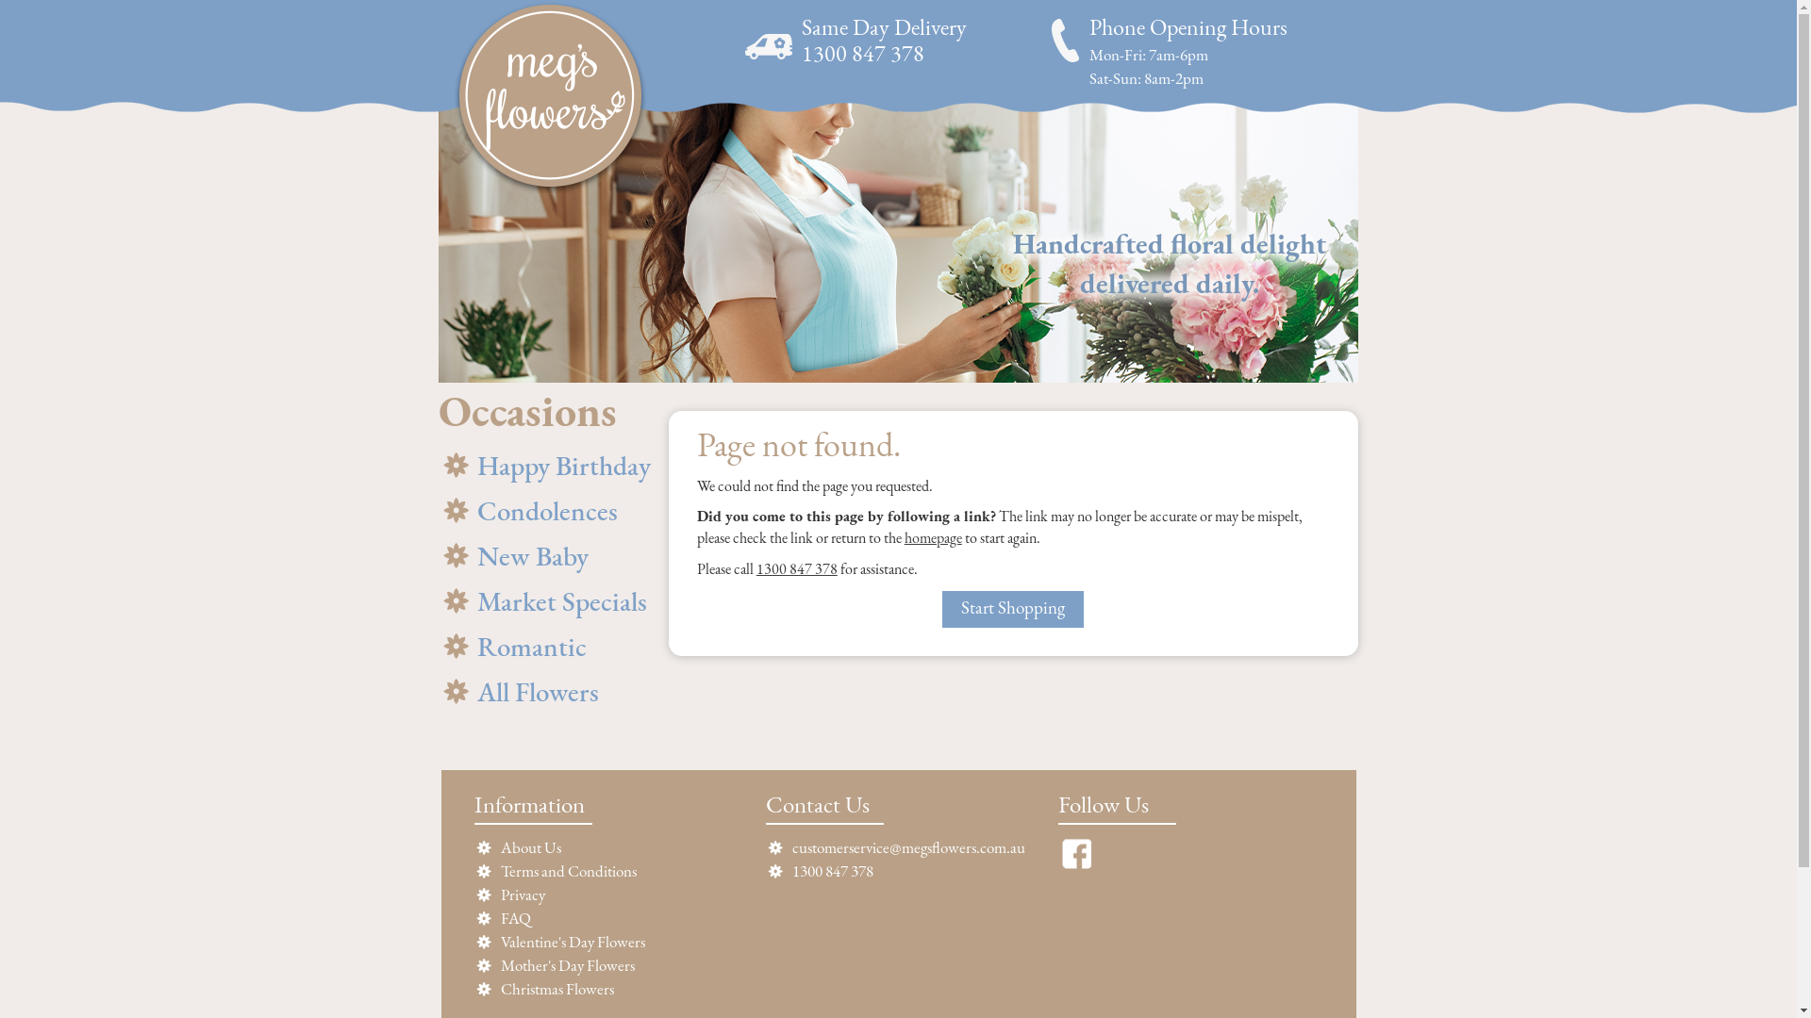 Image resolution: width=1811 pixels, height=1018 pixels. Describe the element at coordinates (545, 601) in the screenshot. I see `'Market Specials'` at that location.